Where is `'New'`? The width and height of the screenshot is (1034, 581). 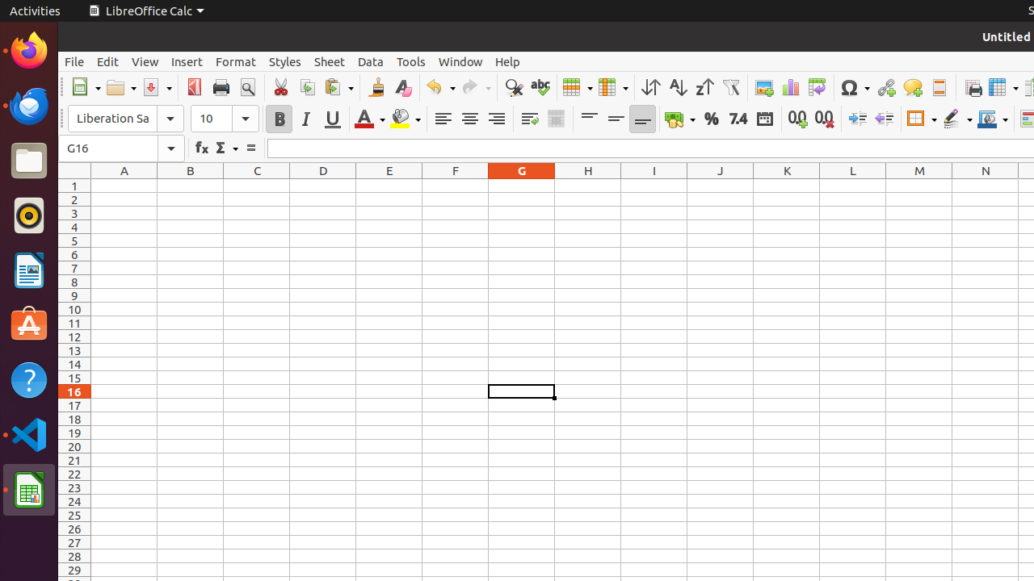 'New' is located at coordinates (84, 87).